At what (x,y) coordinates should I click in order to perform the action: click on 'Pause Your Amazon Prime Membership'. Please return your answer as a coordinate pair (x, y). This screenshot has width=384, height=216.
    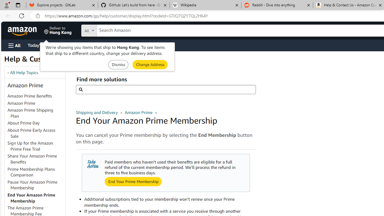
    Looking at the image, I should click on (32, 184).